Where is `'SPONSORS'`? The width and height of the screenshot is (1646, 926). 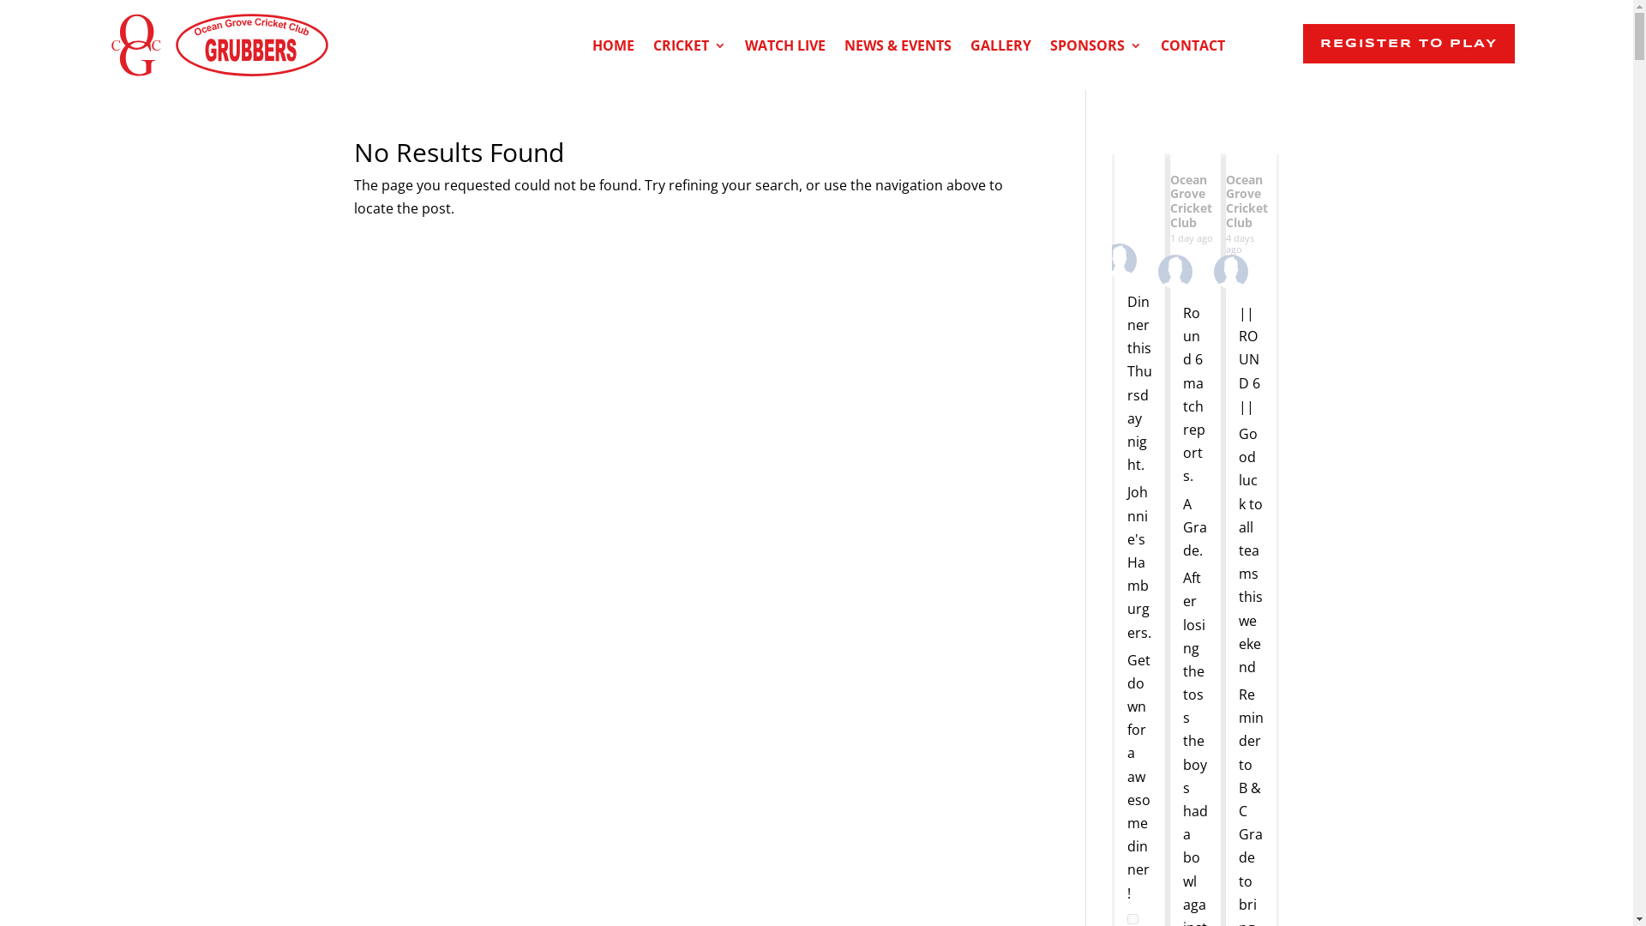 'SPONSORS' is located at coordinates (1095, 48).